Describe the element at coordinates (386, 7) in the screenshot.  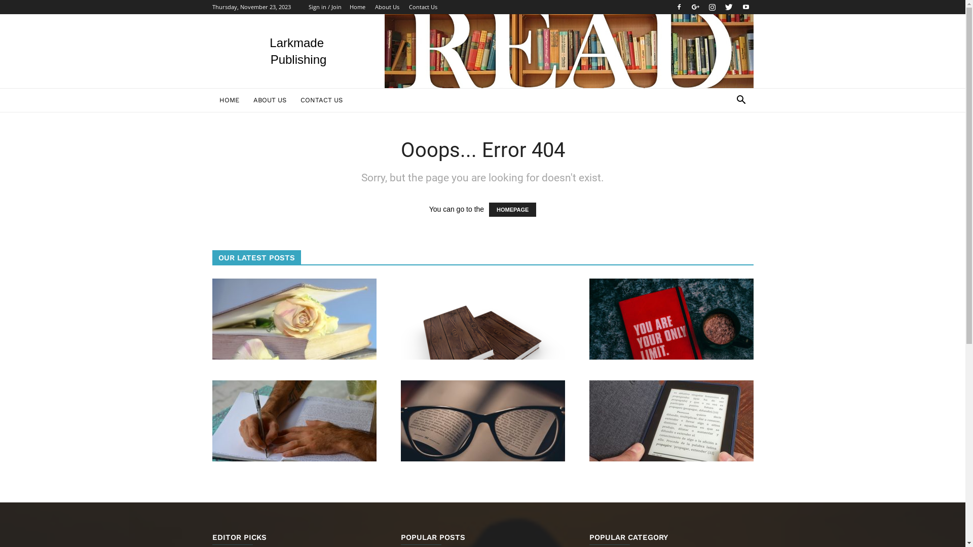
I see `'About Us'` at that location.